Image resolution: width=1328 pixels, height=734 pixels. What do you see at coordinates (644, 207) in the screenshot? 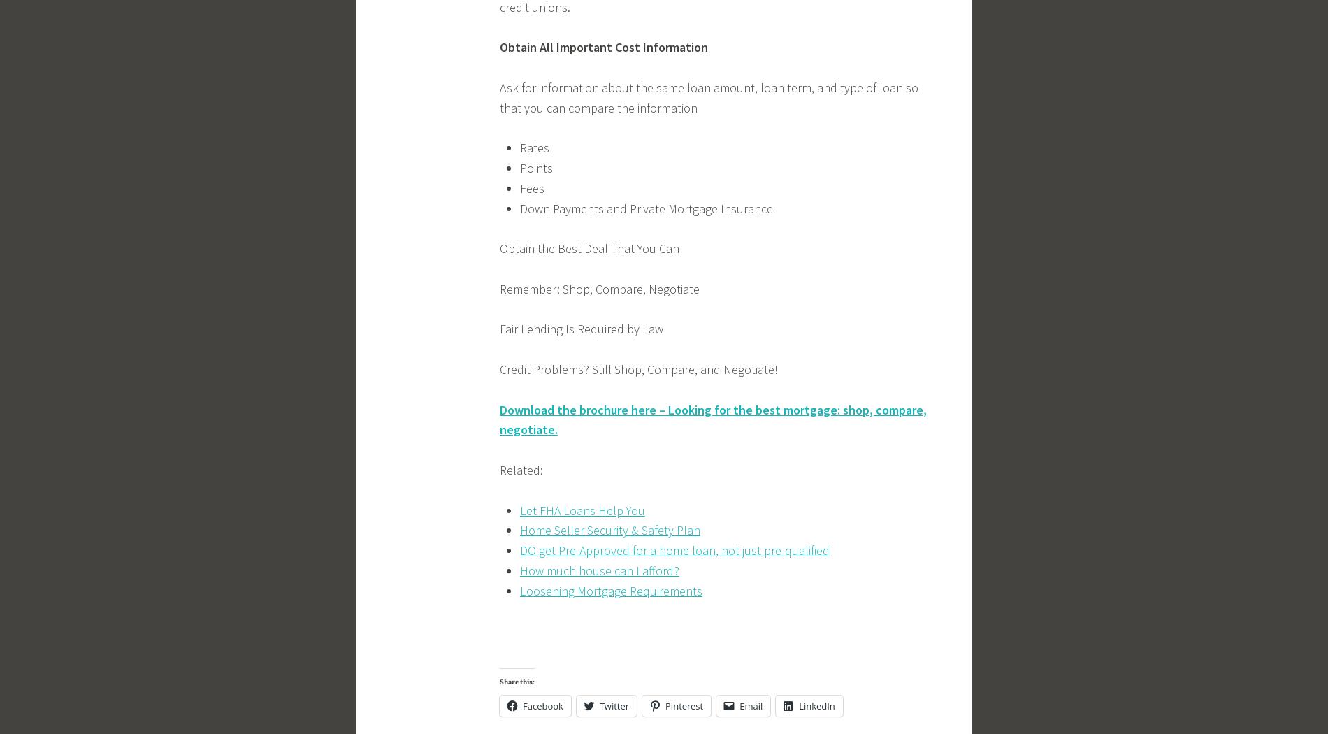
I see `'Down Payments and Private Mortgage Insurance'` at bounding box center [644, 207].